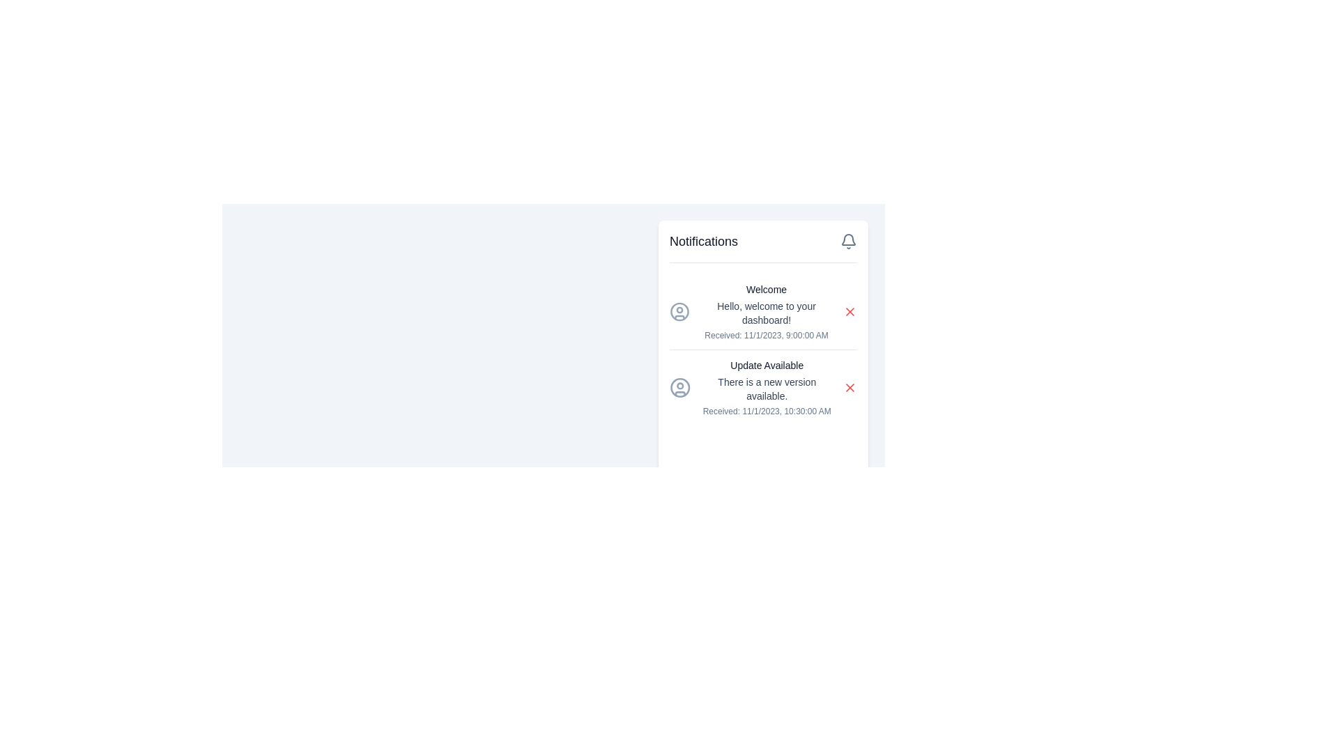 This screenshot has height=752, width=1338. I want to click on the second red cross icon button in the notification panel, so click(849, 387).